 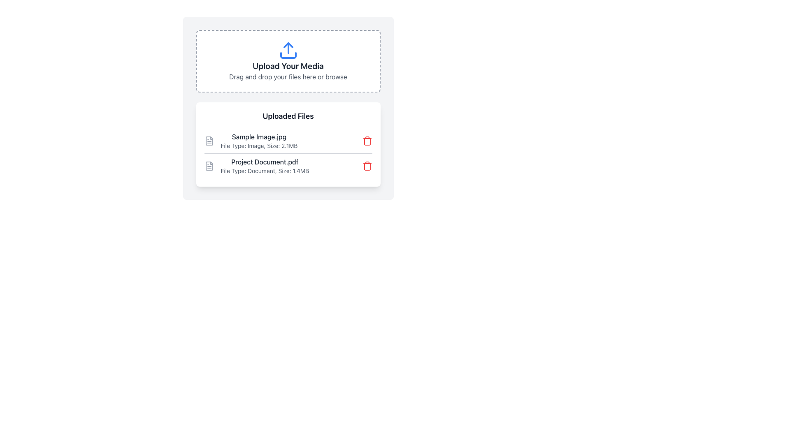 What do you see at coordinates (209, 166) in the screenshot?
I see `the decorative icon representing the document associated with the file entry for 'Project Document.pdf' in the second entry of the uploaded files list` at bounding box center [209, 166].